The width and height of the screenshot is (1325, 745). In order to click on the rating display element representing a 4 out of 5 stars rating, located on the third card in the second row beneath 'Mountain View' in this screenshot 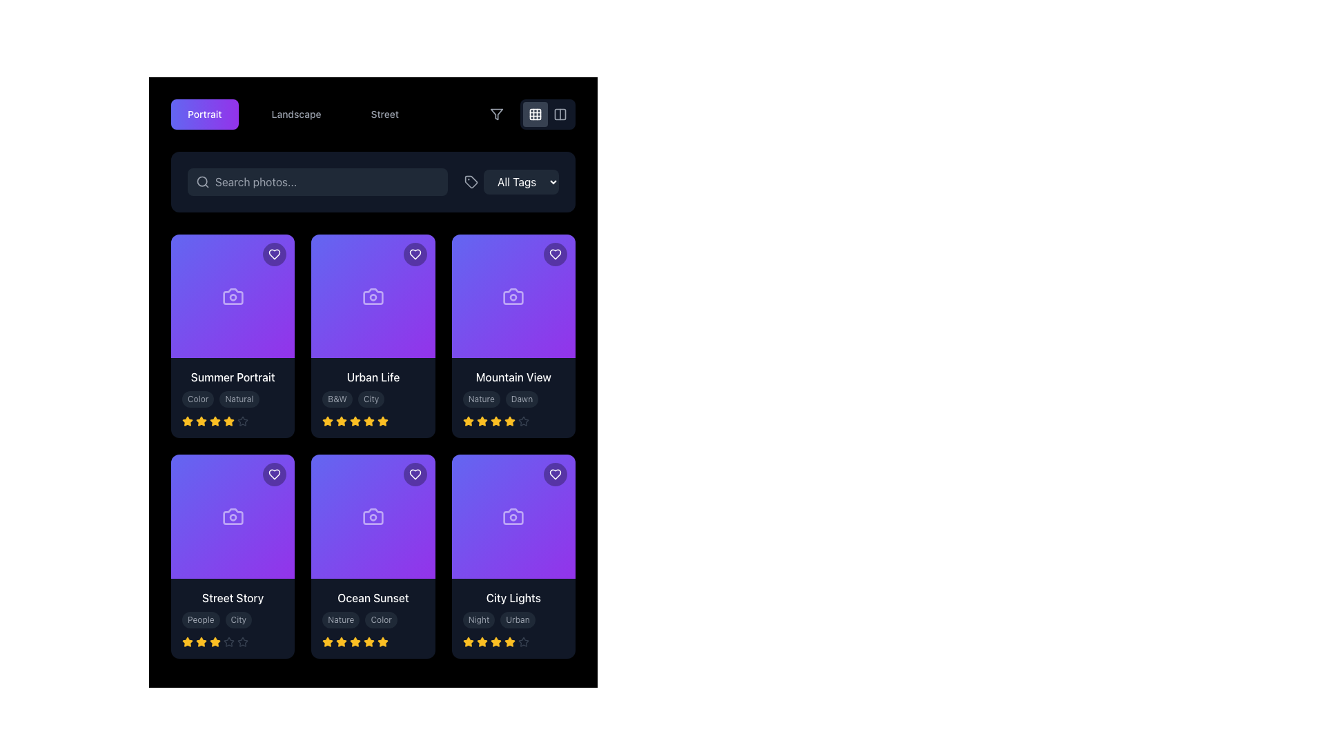, I will do `click(513, 421)`.